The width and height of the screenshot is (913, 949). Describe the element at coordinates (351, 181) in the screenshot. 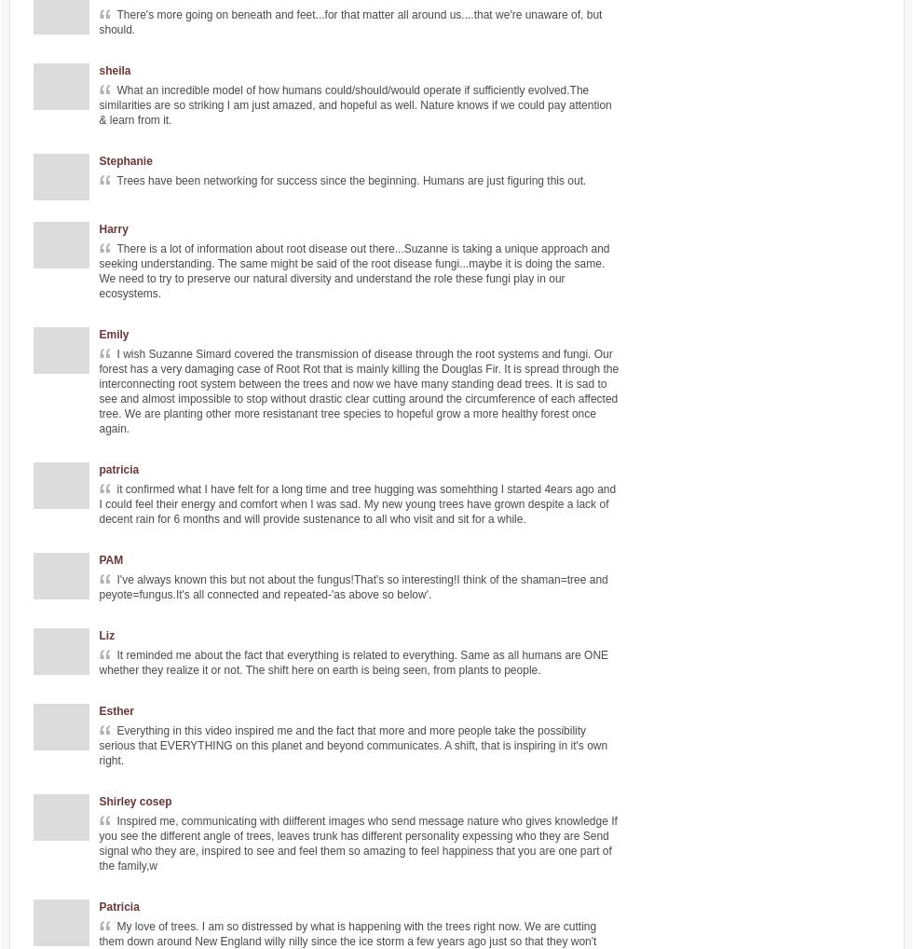

I see `'Trees have been networking for success since the beginning. Humans are just figuring this out.'` at that location.